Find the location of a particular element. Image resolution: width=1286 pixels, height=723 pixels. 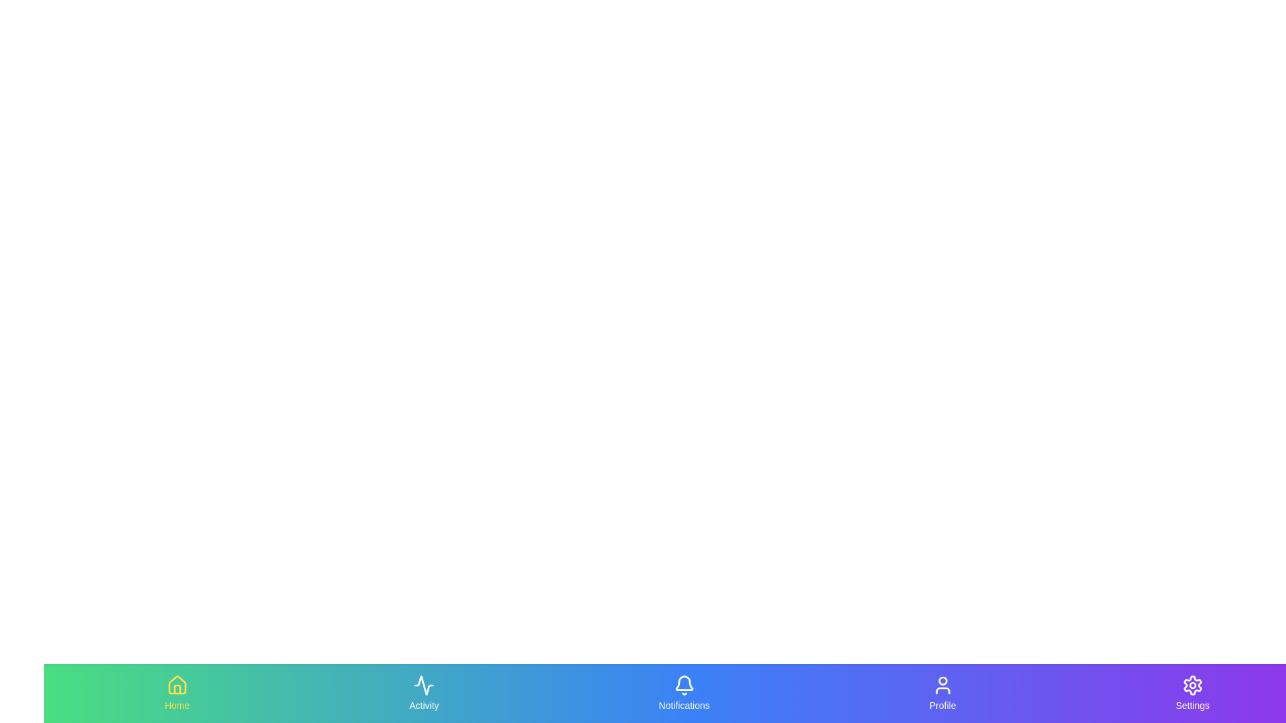

the navigation tab labeled Notifications to see the hover effect is located at coordinates (684, 693).